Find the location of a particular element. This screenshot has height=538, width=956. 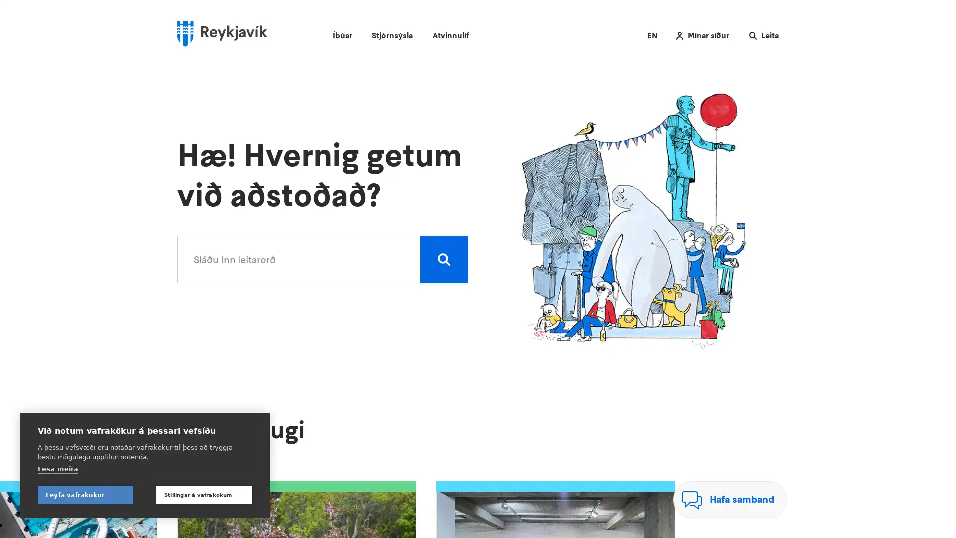

Leita is located at coordinates (444, 259).